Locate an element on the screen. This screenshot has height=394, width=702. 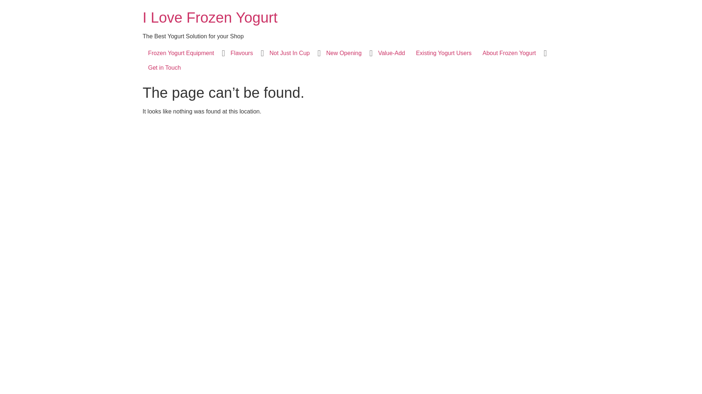
'New Opening' is located at coordinates (343, 53).